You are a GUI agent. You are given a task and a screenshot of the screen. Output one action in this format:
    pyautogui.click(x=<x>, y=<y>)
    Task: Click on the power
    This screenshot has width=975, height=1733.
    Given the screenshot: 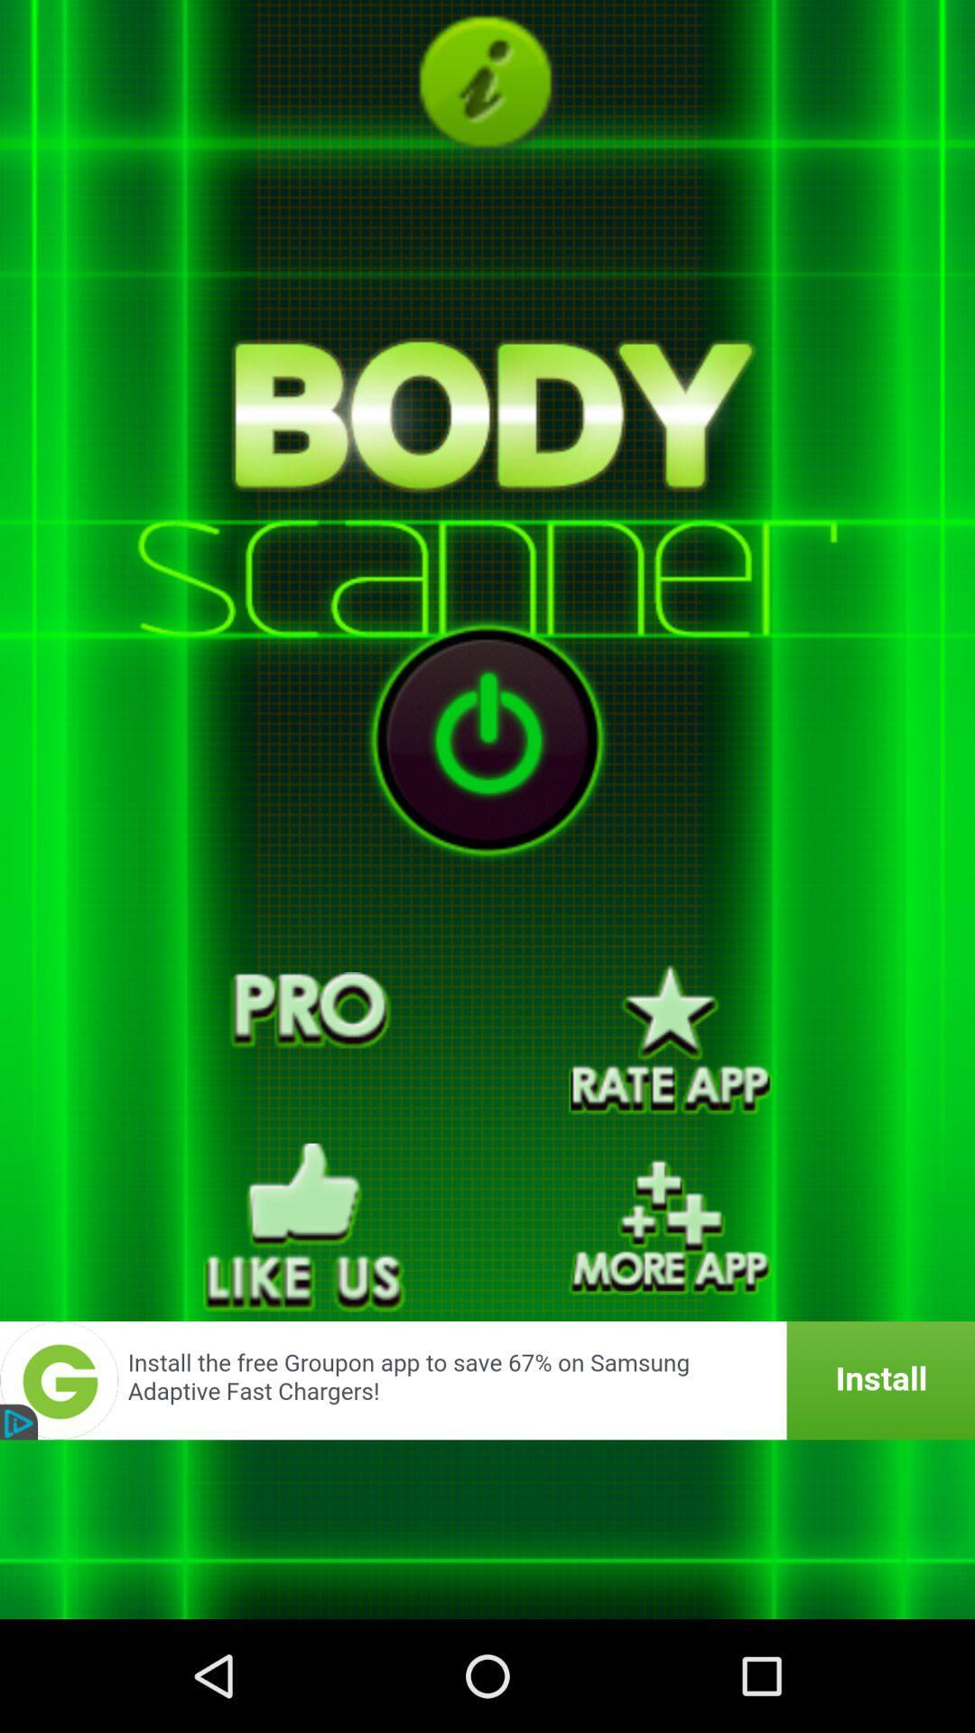 What is the action you would take?
    pyautogui.click(x=487, y=739)
    